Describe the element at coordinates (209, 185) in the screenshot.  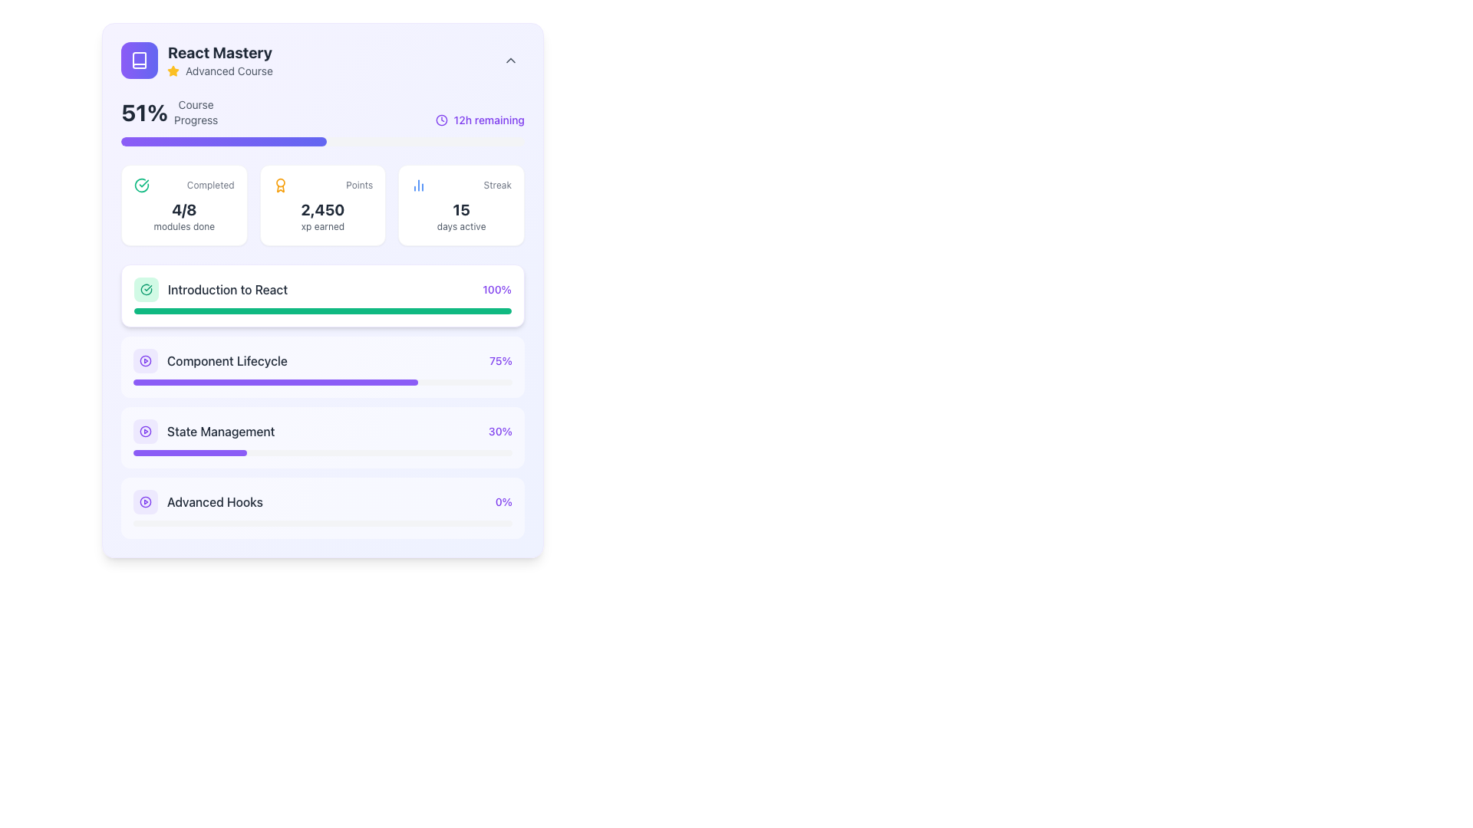
I see `the static text label displaying 'Completed', which is adjacent to a checkmark indicating completion status` at that location.